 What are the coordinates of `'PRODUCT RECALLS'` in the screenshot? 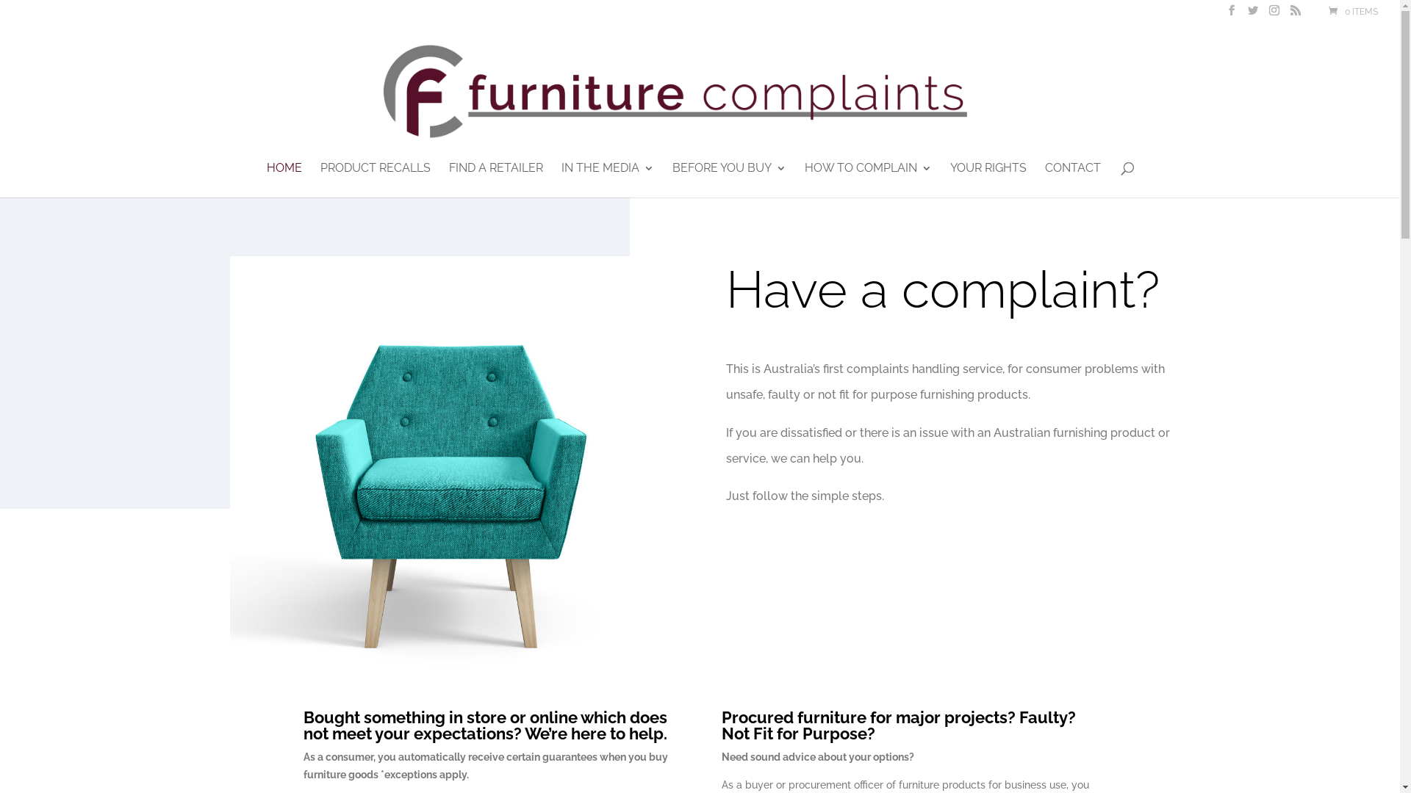 It's located at (375, 179).